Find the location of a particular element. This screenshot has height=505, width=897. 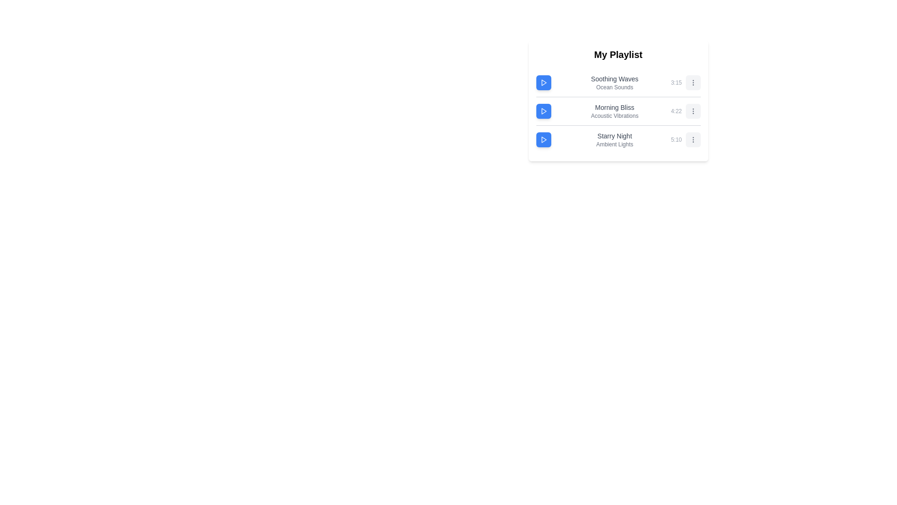

the blue triangular play button icon in the playlist section associated with the 'Starry Night' song item is located at coordinates (544, 140).